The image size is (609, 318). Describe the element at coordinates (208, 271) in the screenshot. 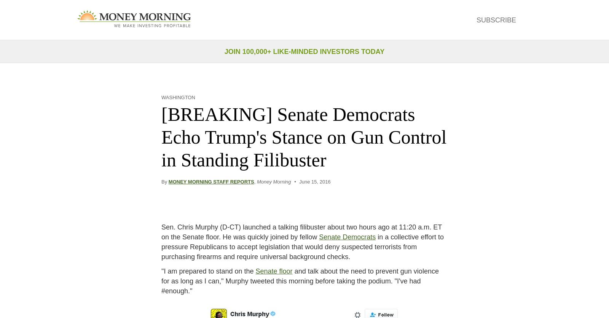

I see `'"I am prepared to stand on the'` at that location.